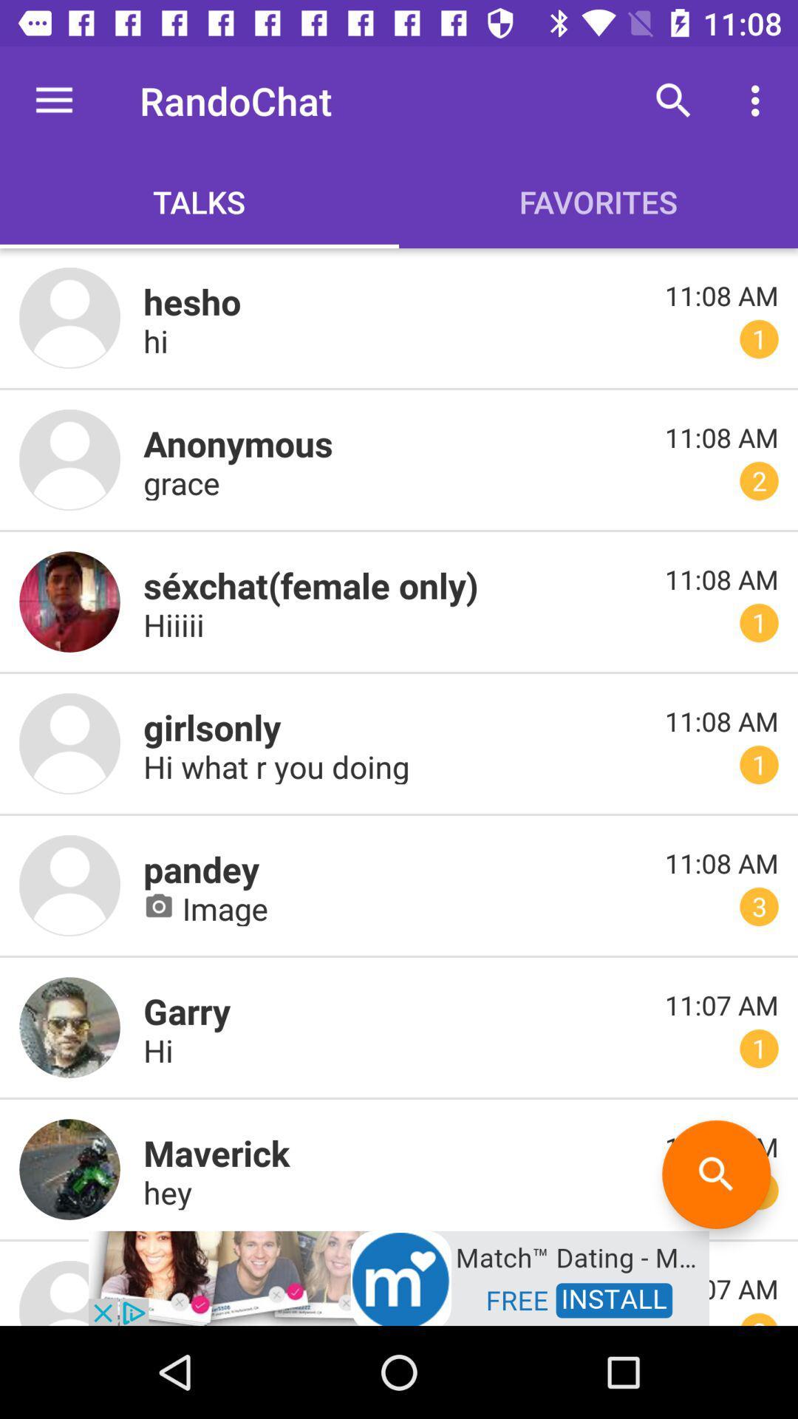 The width and height of the screenshot is (798, 1419). Describe the element at coordinates (715, 1174) in the screenshot. I see `the search icon` at that location.